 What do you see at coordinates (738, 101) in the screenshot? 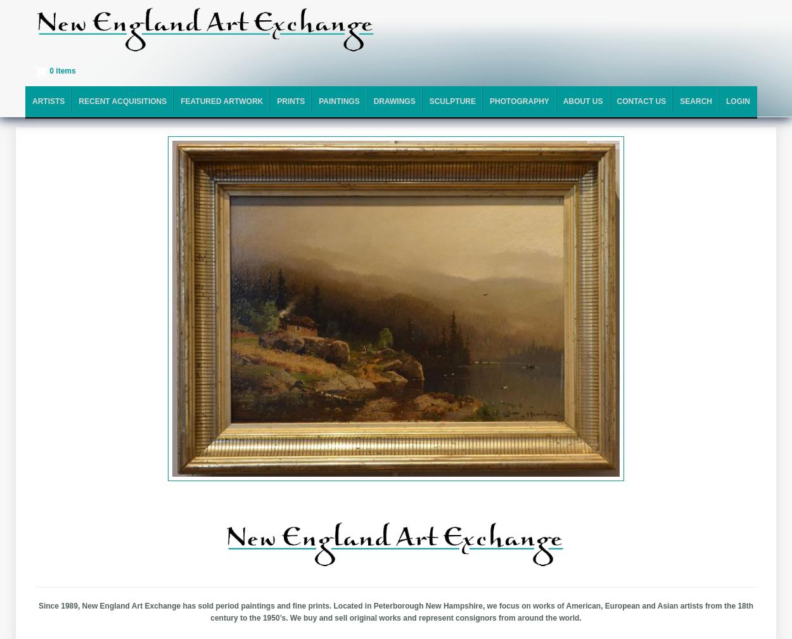
I see `'Login'` at bounding box center [738, 101].